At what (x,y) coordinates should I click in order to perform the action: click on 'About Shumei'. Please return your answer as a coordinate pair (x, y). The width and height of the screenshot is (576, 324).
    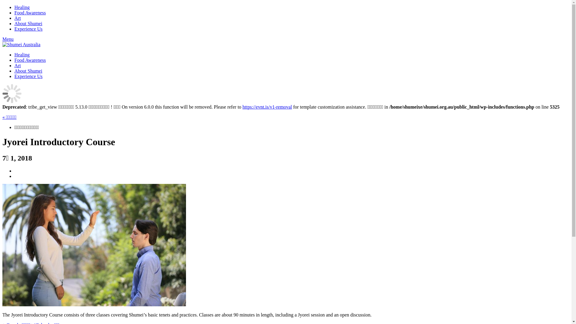
    Looking at the image, I should click on (28, 70).